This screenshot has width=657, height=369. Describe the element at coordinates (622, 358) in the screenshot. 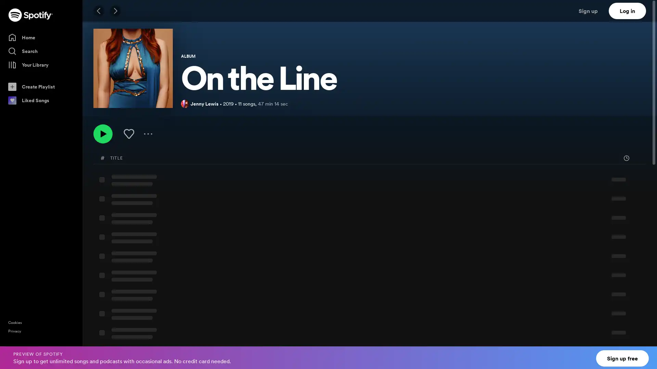

I see `Sign up free` at that location.